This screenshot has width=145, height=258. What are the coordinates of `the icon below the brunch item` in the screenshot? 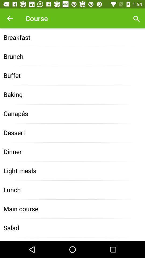 It's located at (73, 76).